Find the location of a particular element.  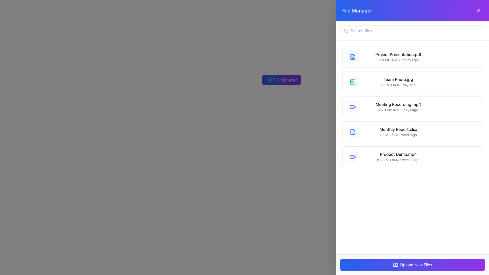

the video file icon representing 'Meeting Recording.mp4' in the file list, which is the third item under the 'File Manager' header is located at coordinates (352, 107).